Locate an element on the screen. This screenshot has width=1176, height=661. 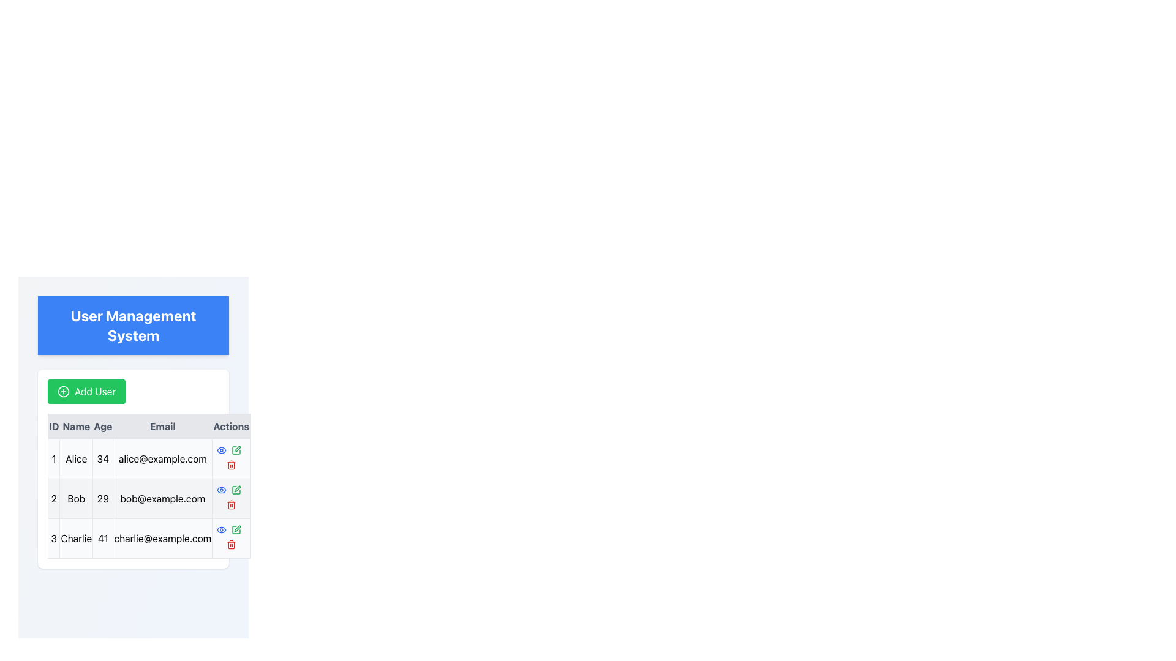
the 'Age' column header in the table is located at coordinates (103, 426).